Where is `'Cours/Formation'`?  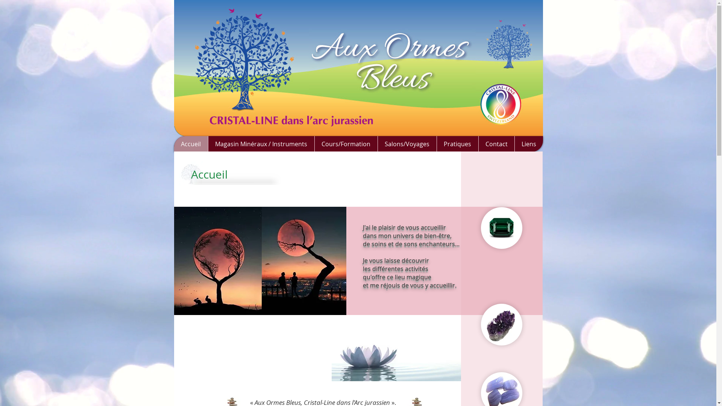
'Cours/Formation' is located at coordinates (346, 144).